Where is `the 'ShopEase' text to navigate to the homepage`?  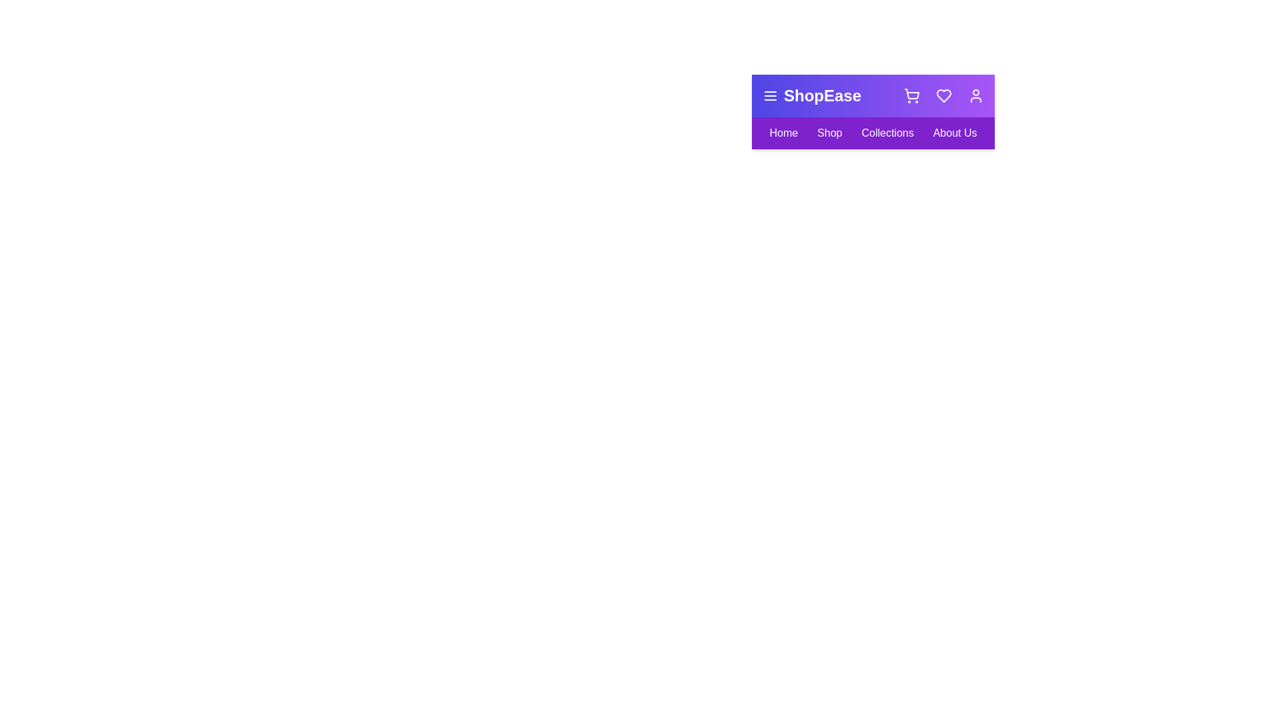
the 'ShopEase' text to navigate to the homepage is located at coordinates (811, 95).